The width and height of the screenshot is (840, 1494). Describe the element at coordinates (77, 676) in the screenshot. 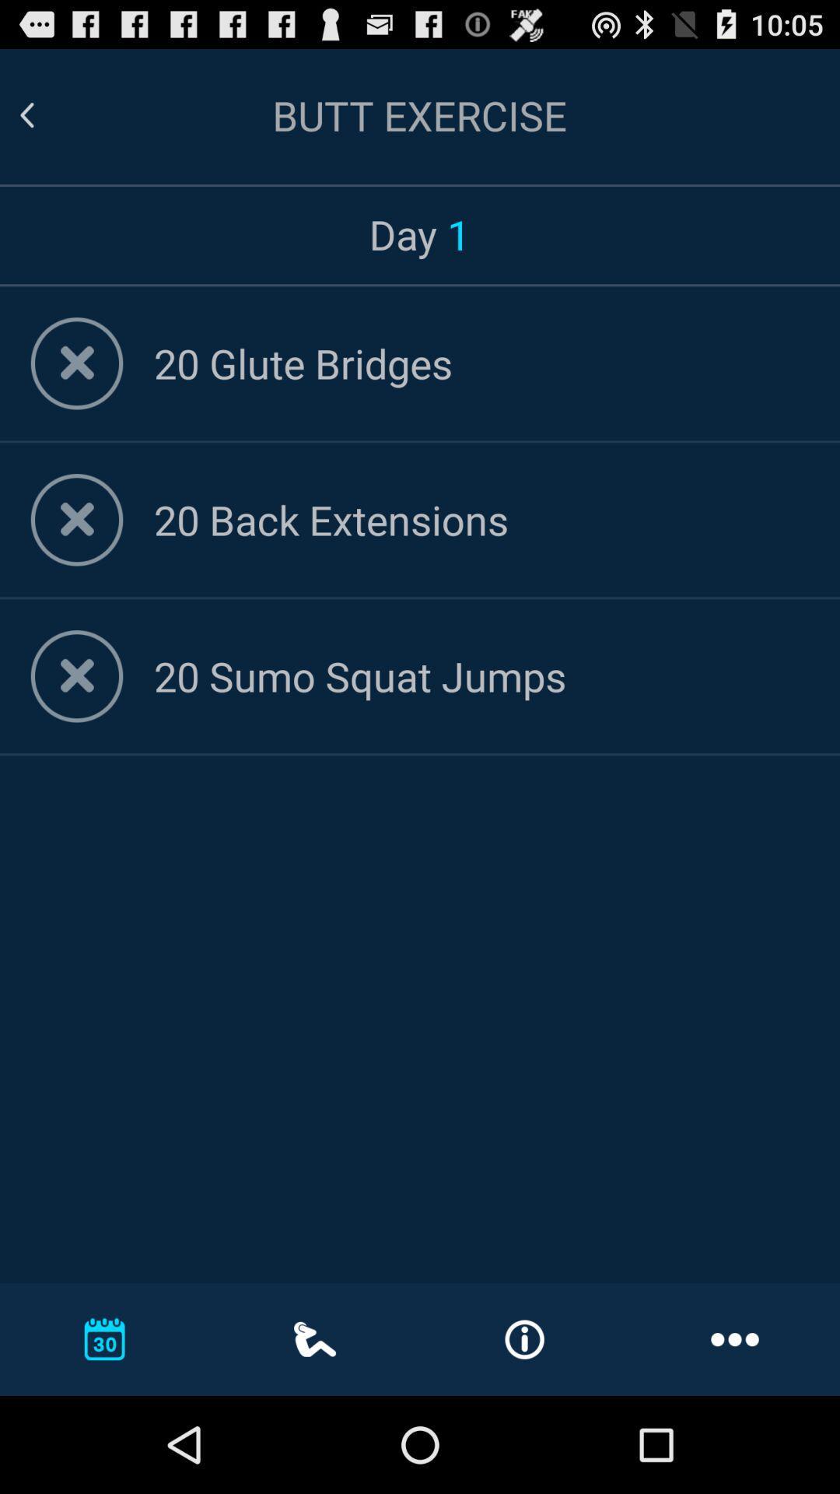

I see `delete the exercise` at that location.